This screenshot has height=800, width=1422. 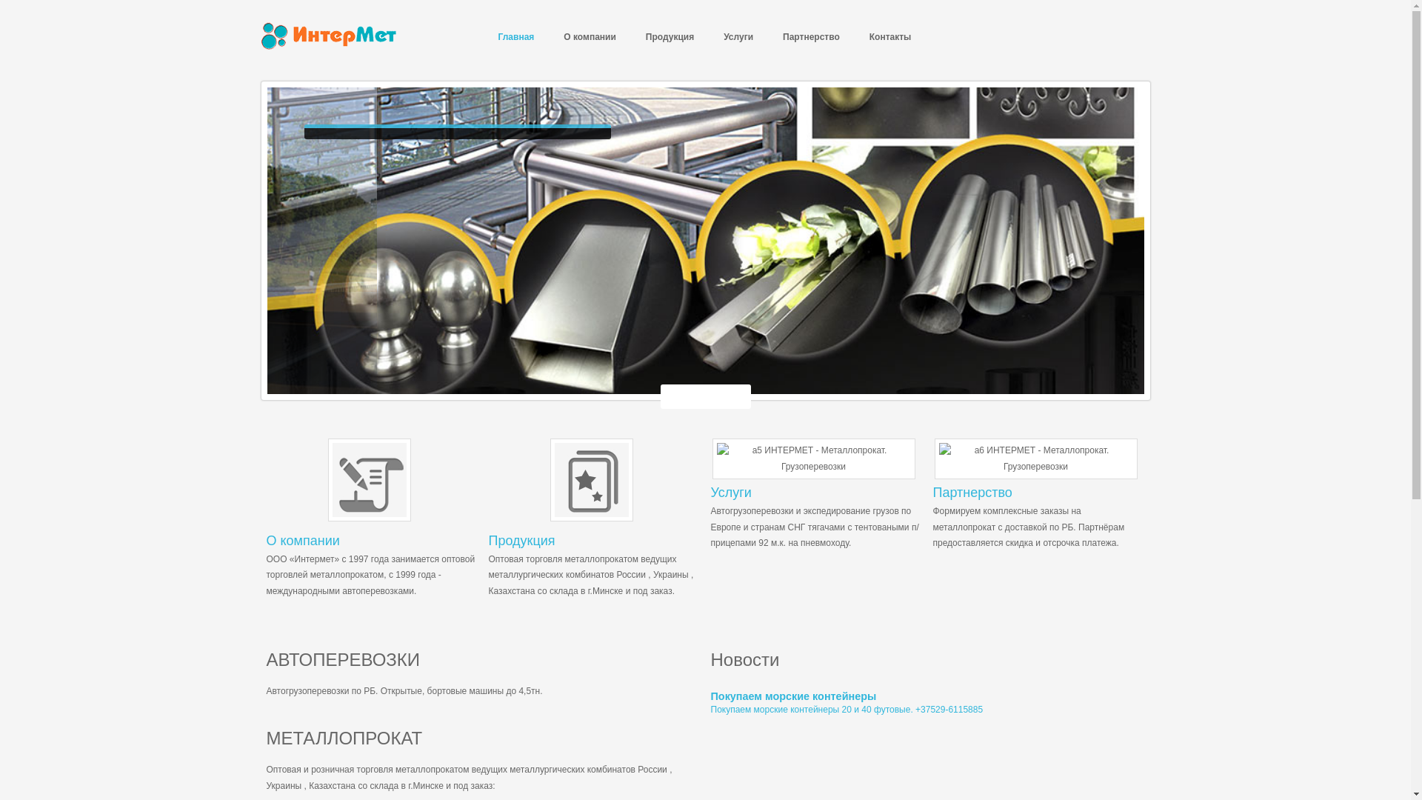 I want to click on 'a3 image', so click(x=369, y=480).